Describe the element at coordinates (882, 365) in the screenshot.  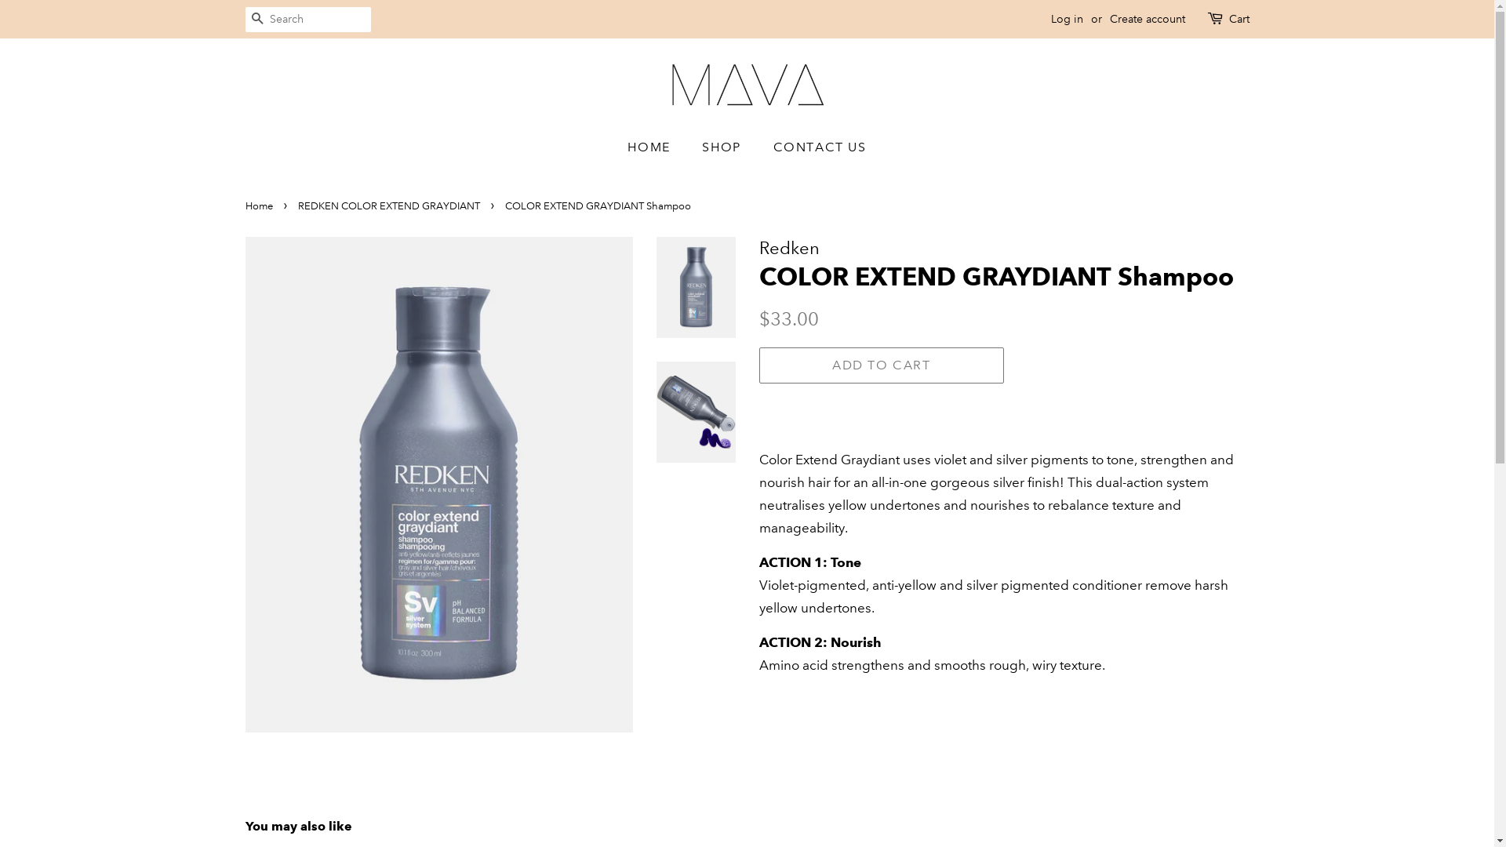
I see `'ADD TO CART'` at that location.